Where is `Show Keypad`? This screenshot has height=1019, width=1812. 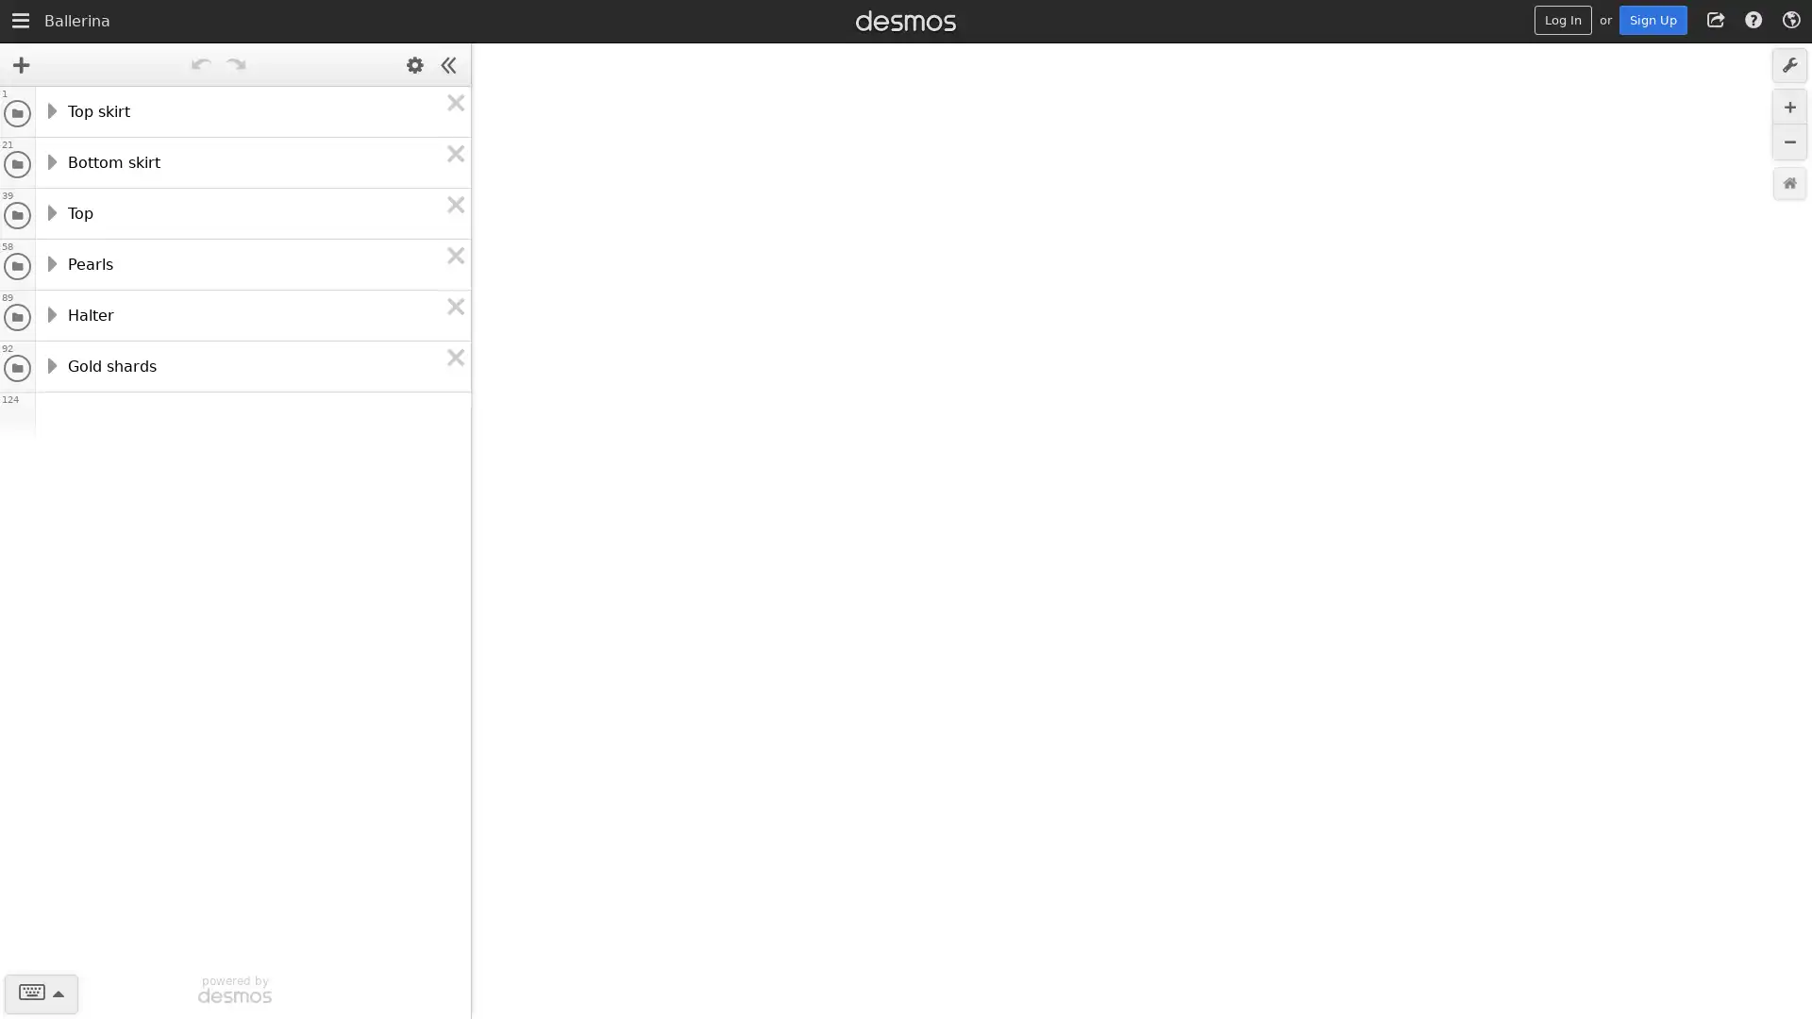 Show Keypad is located at coordinates (41, 993).